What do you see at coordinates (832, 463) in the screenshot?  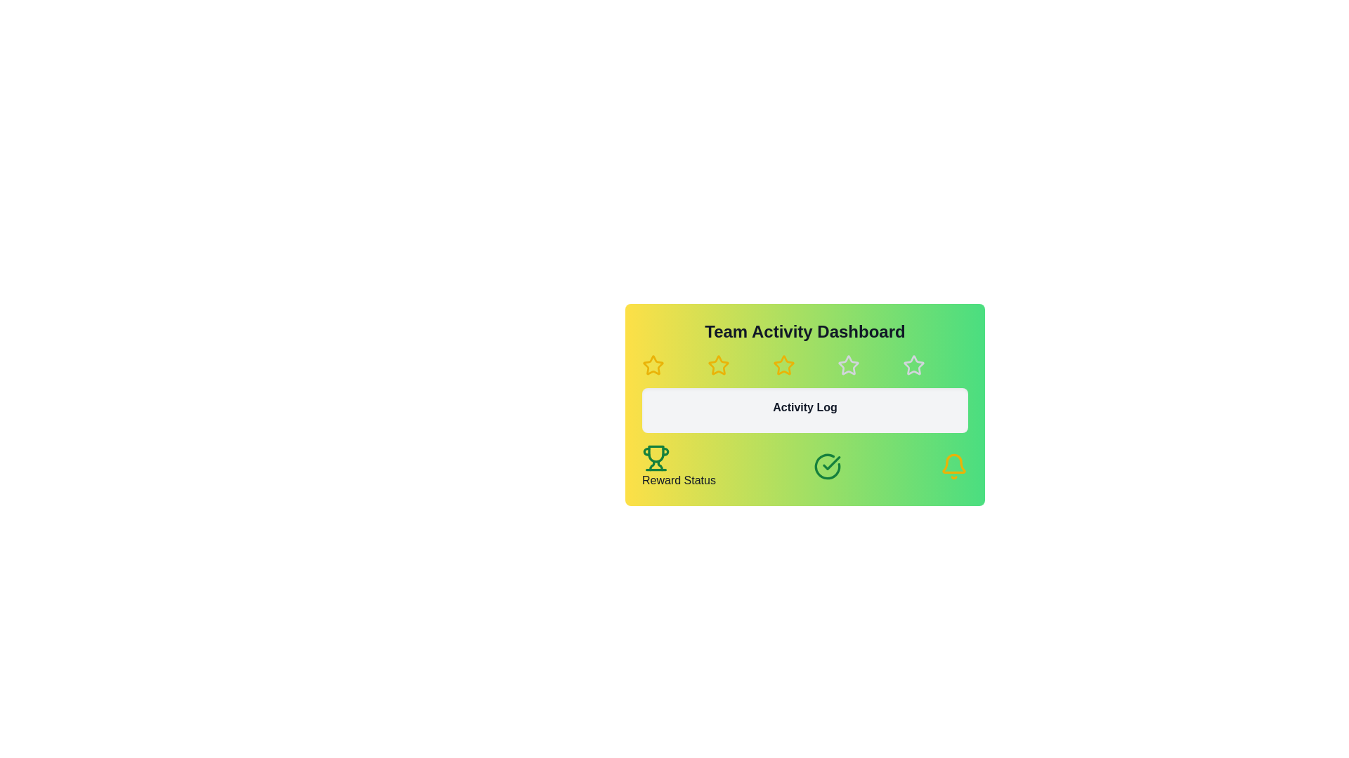 I see `the green checkmark icon located within a circular badge at the lower middle region of the card UI component` at bounding box center [832, 463].